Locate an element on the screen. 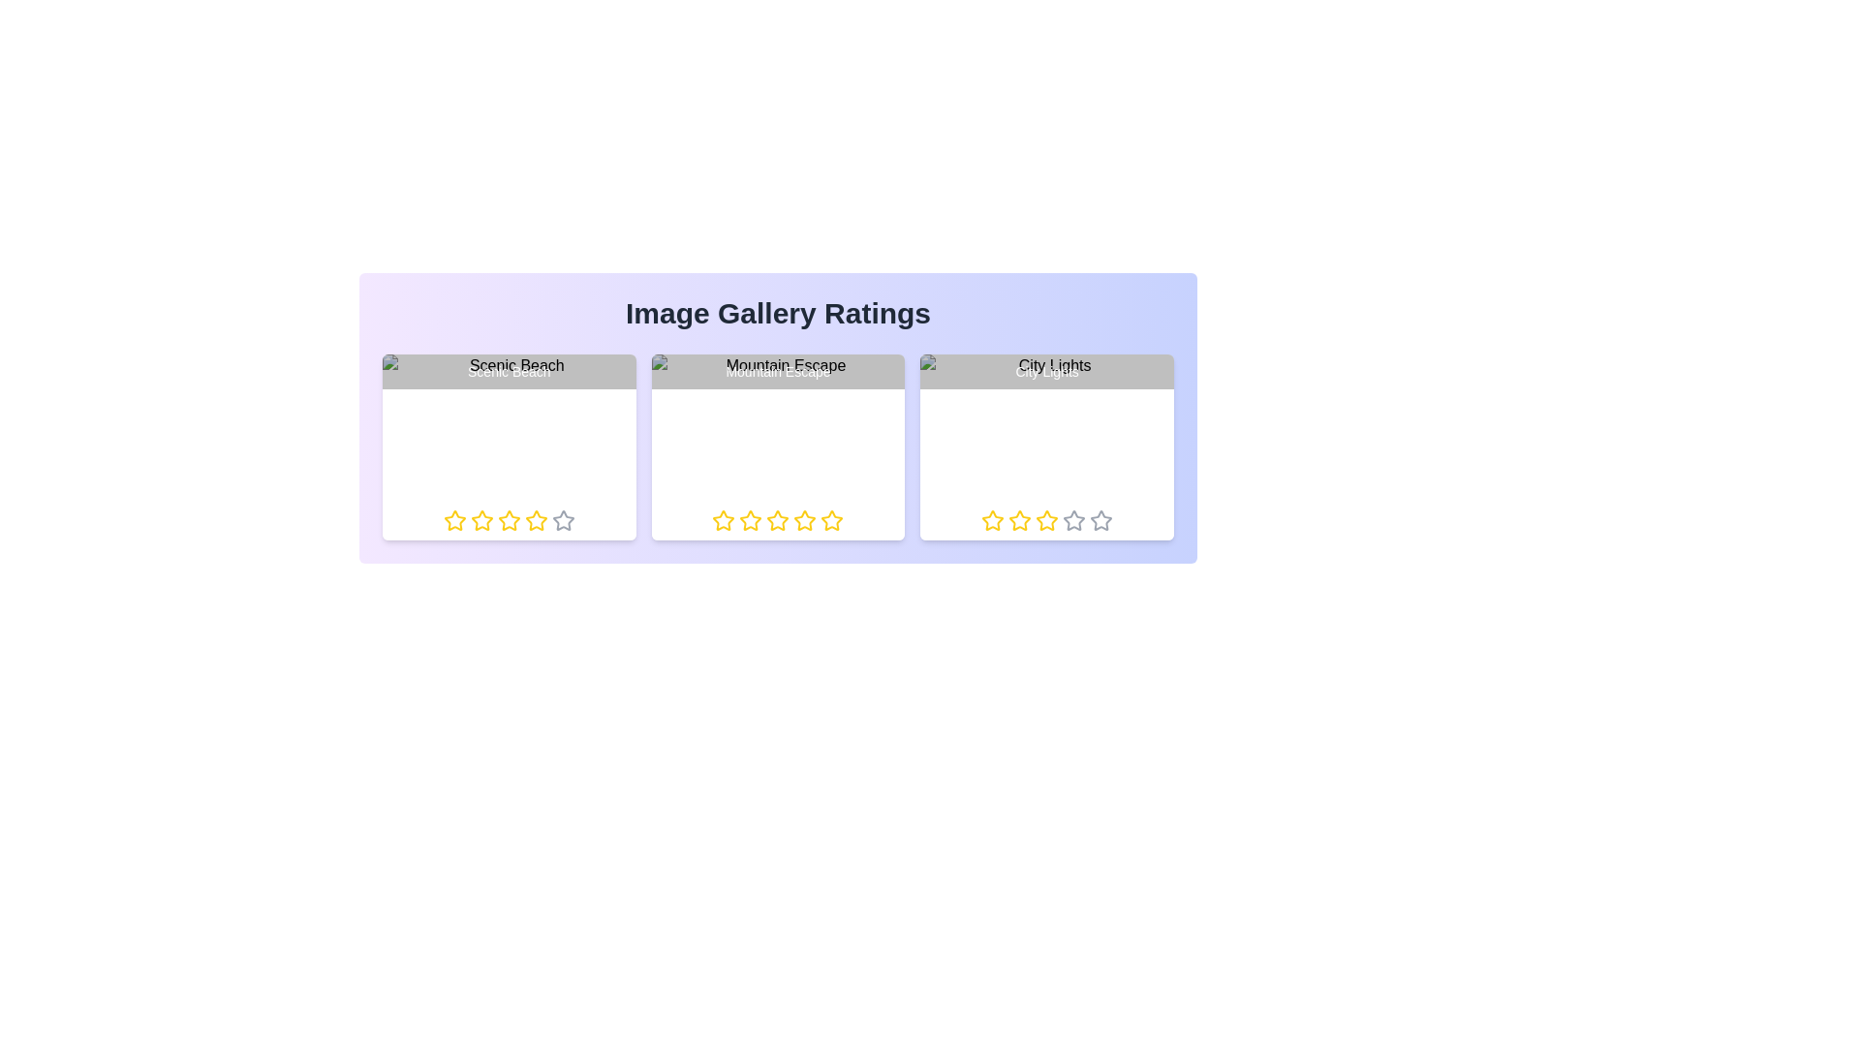 The height and width of the screenshot is (1046, 1860). the rating for the image titled 'Scenic Beach' to 2 stars is located at coordinates (470, 519).